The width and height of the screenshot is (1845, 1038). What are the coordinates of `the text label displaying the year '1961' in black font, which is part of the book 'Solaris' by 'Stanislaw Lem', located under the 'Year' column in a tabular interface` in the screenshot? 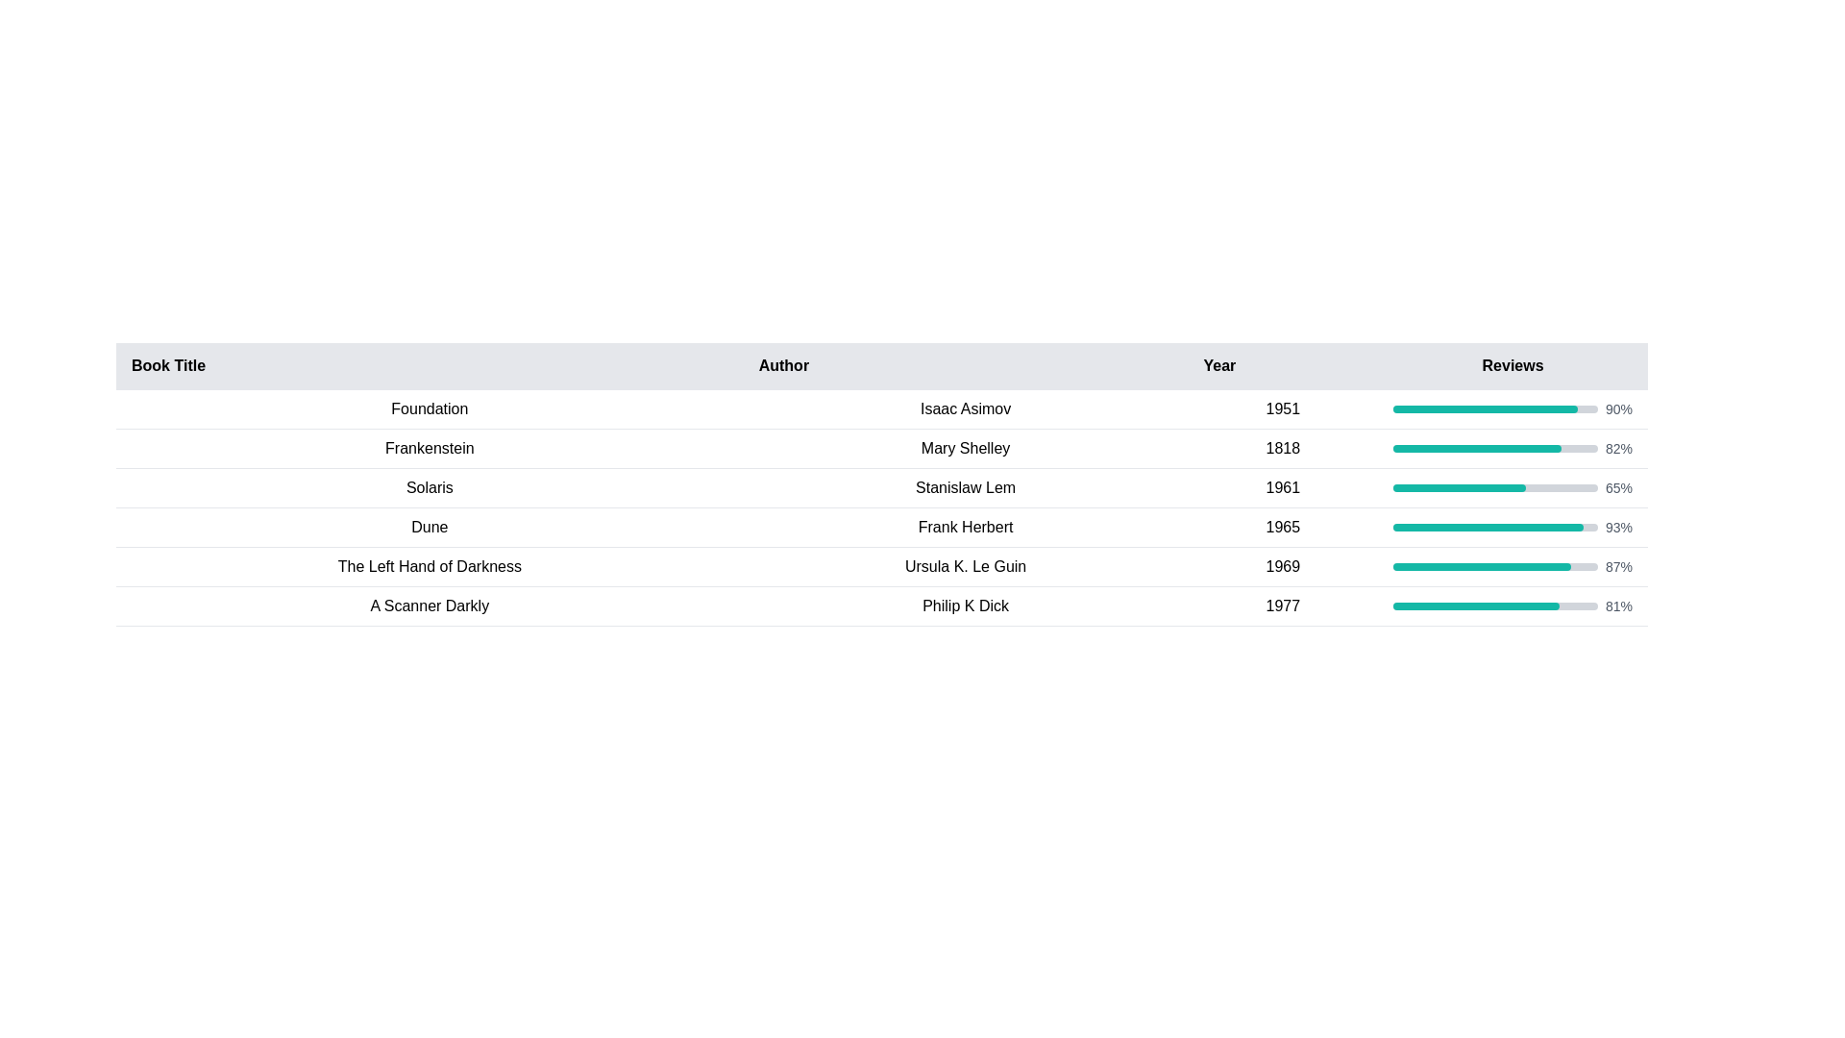 It's located at (1283, 487).